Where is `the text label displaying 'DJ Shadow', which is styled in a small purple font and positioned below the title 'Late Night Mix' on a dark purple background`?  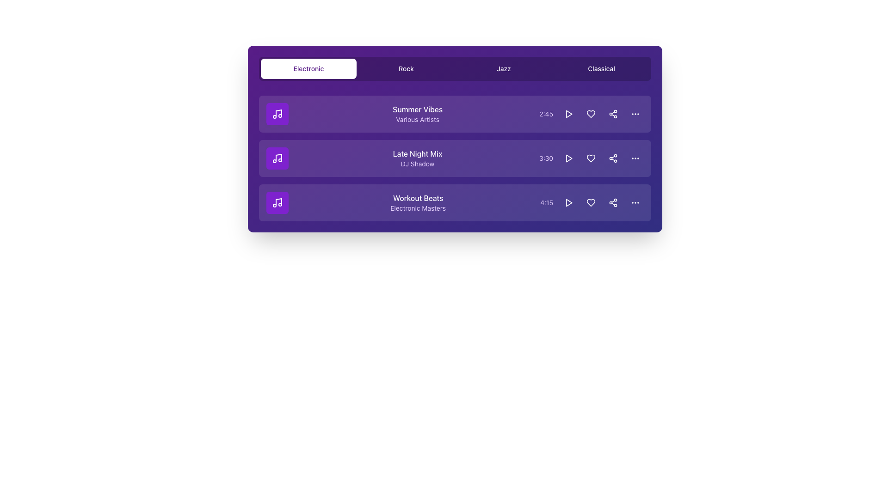
the text label displaying 'DJ Shadow', which is styled in a small purple font and positioned below the title 'Late Night Mix' on a dark purple background is located at coordinates (417, 163).